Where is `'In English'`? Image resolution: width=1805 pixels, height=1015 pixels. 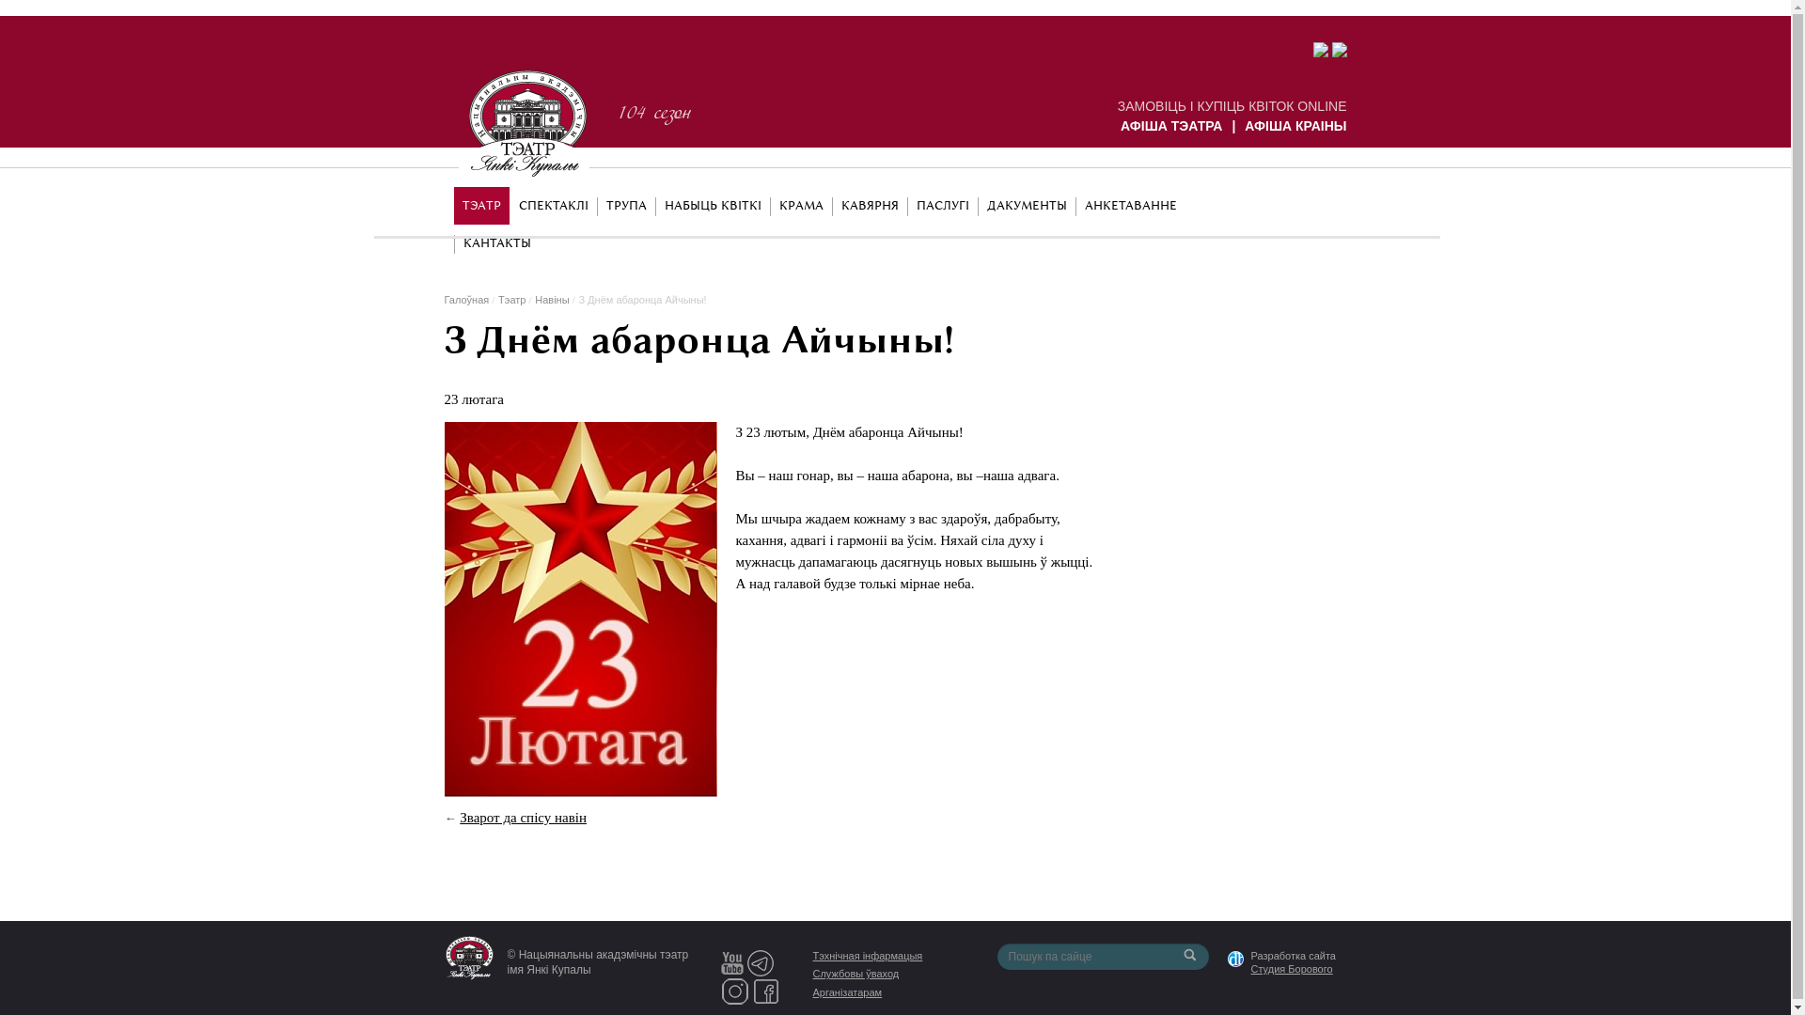
'In English' is located at coordinates (1307, 203).